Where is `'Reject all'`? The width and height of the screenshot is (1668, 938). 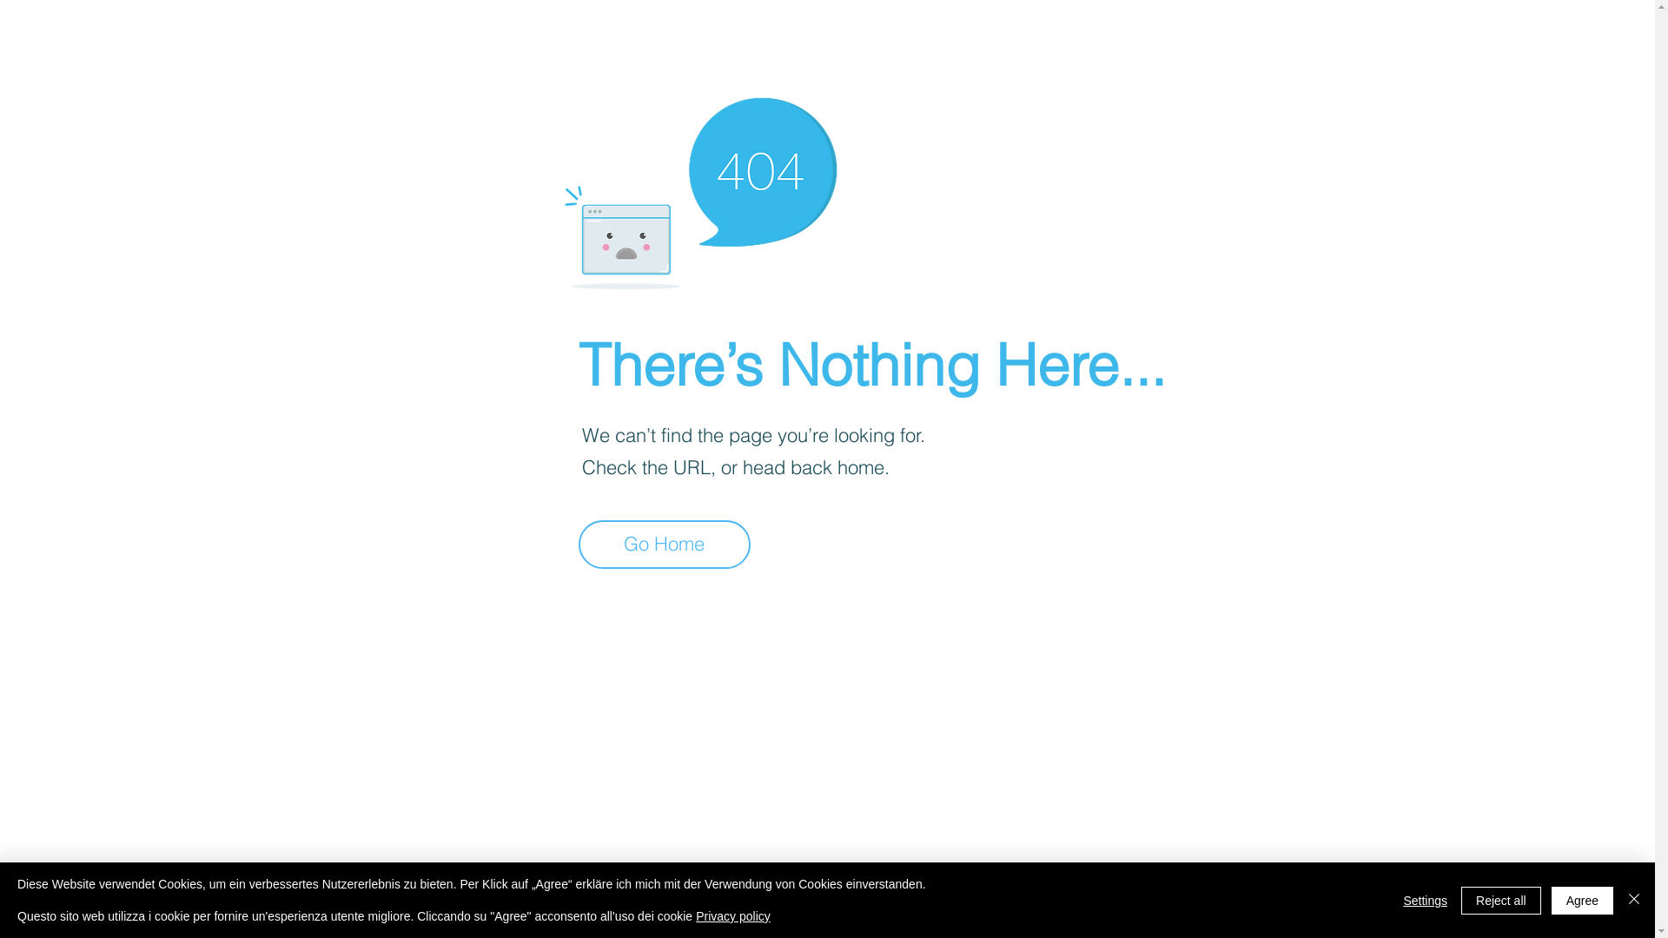
'Reject all' is located at coordinates (1500, 900).